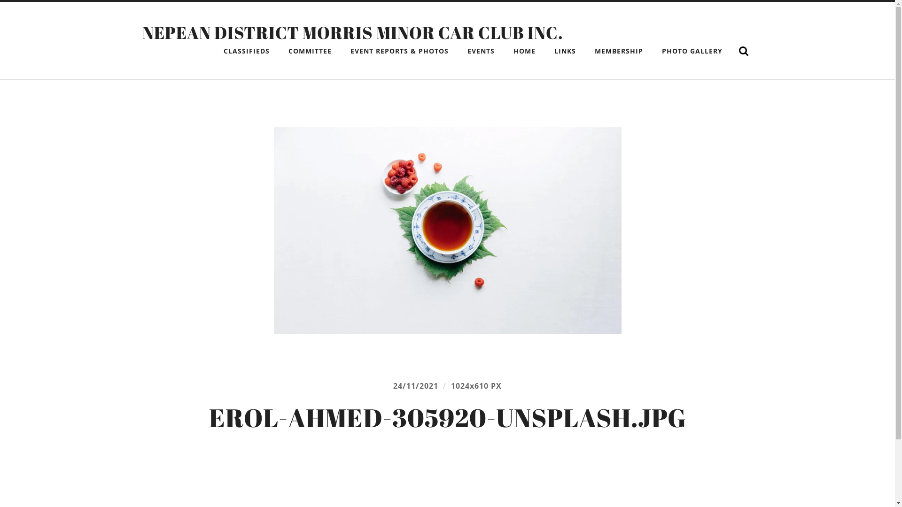 This screenshot has height=507, width=902. I want to click on 'EVENT REPORTS & PHOTOS', so click(342, 51).